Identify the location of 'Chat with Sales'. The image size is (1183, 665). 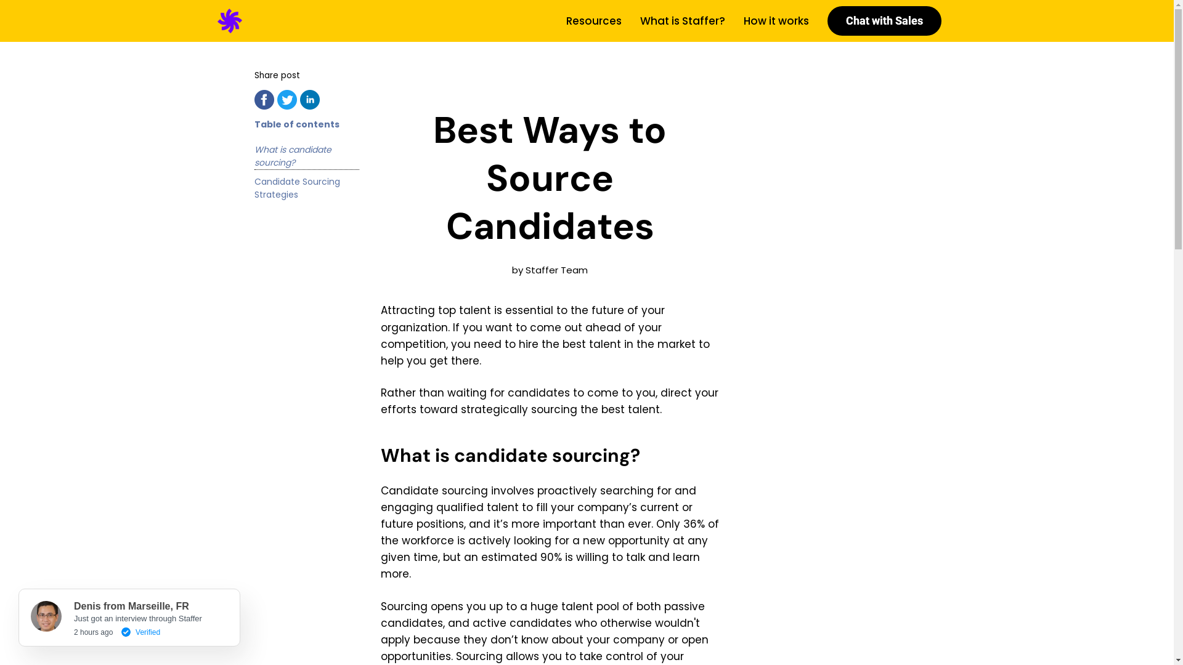
(883, 21).